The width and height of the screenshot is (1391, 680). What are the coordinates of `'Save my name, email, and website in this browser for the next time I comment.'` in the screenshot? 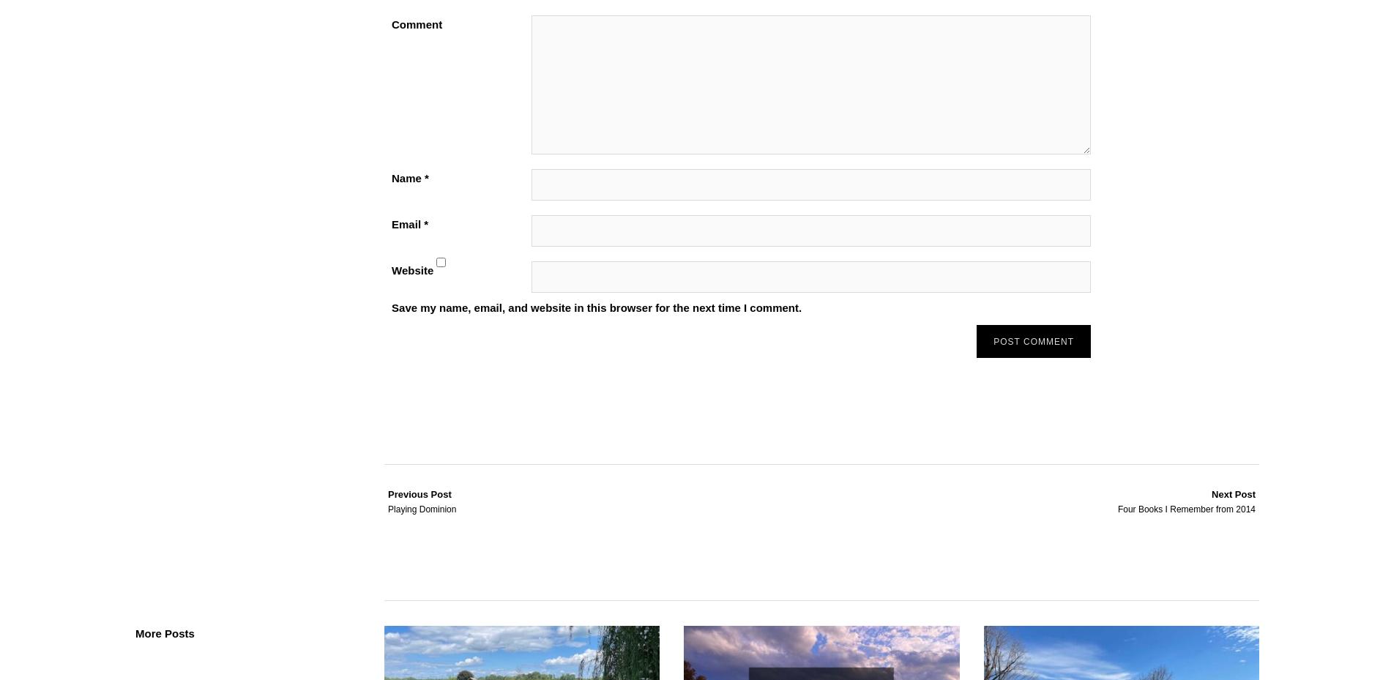 It's located at (595, 306).